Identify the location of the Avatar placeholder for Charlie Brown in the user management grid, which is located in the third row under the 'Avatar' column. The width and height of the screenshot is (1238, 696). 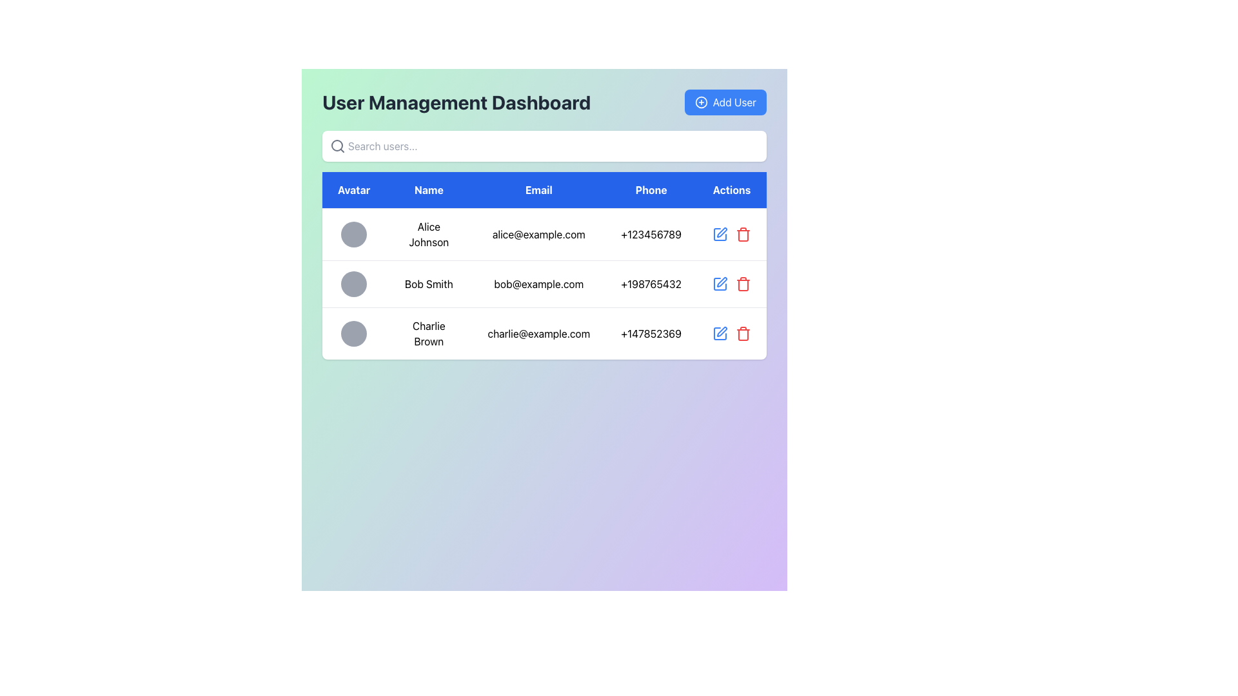
(354, 333).